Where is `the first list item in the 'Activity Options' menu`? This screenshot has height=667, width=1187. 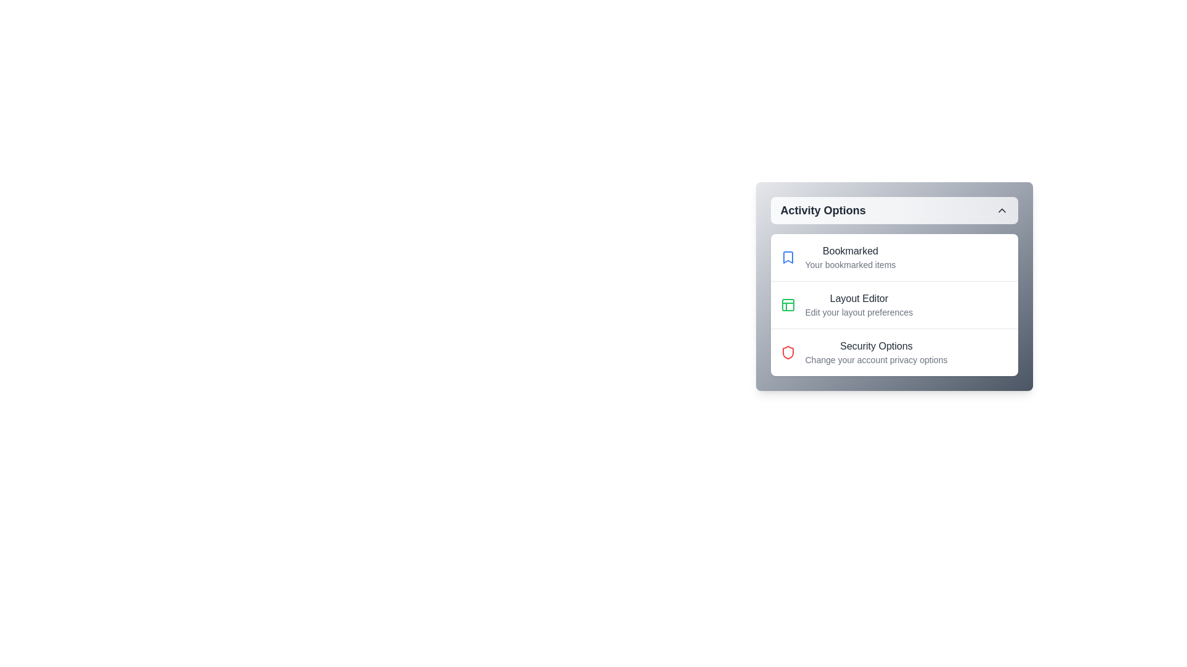
the first list item in the 'Activity Options' menu is located at coordinates (894, 256).